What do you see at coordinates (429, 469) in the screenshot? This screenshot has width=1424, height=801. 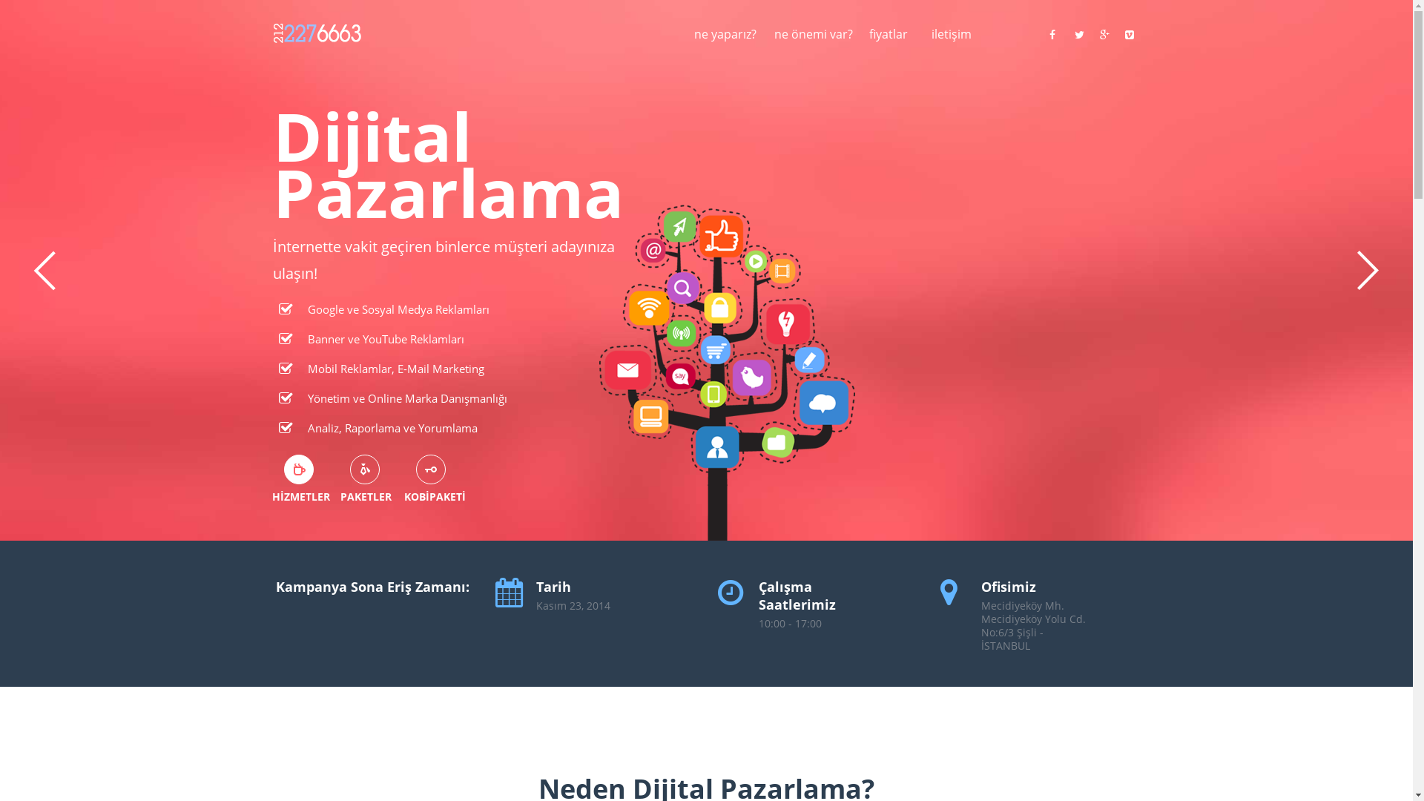 I see `'KOBIPAKETI'` at bounding box center [429, 469].